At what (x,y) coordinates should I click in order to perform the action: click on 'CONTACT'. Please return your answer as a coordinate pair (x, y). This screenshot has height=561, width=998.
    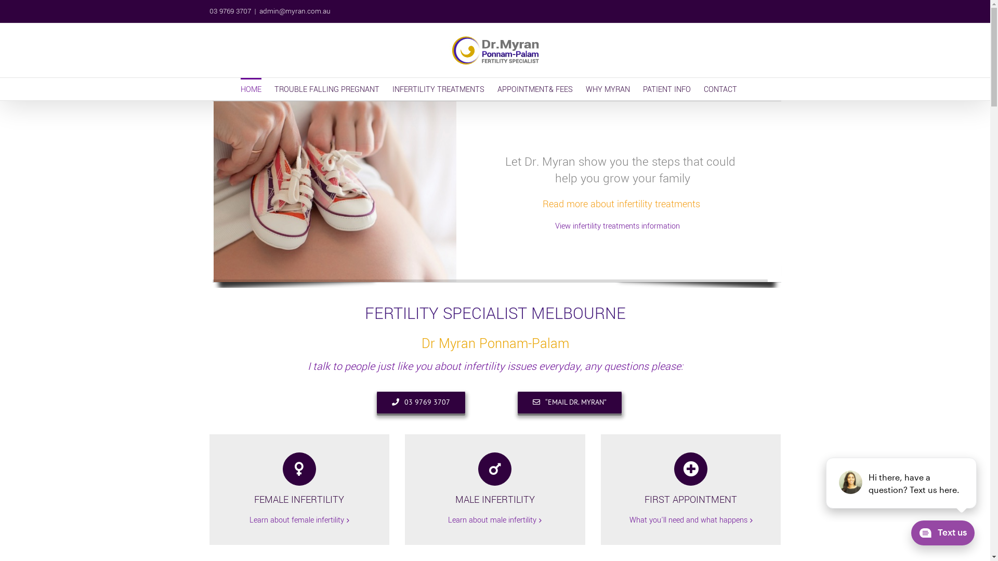
    Looking at the image, I should click on (720, 88).